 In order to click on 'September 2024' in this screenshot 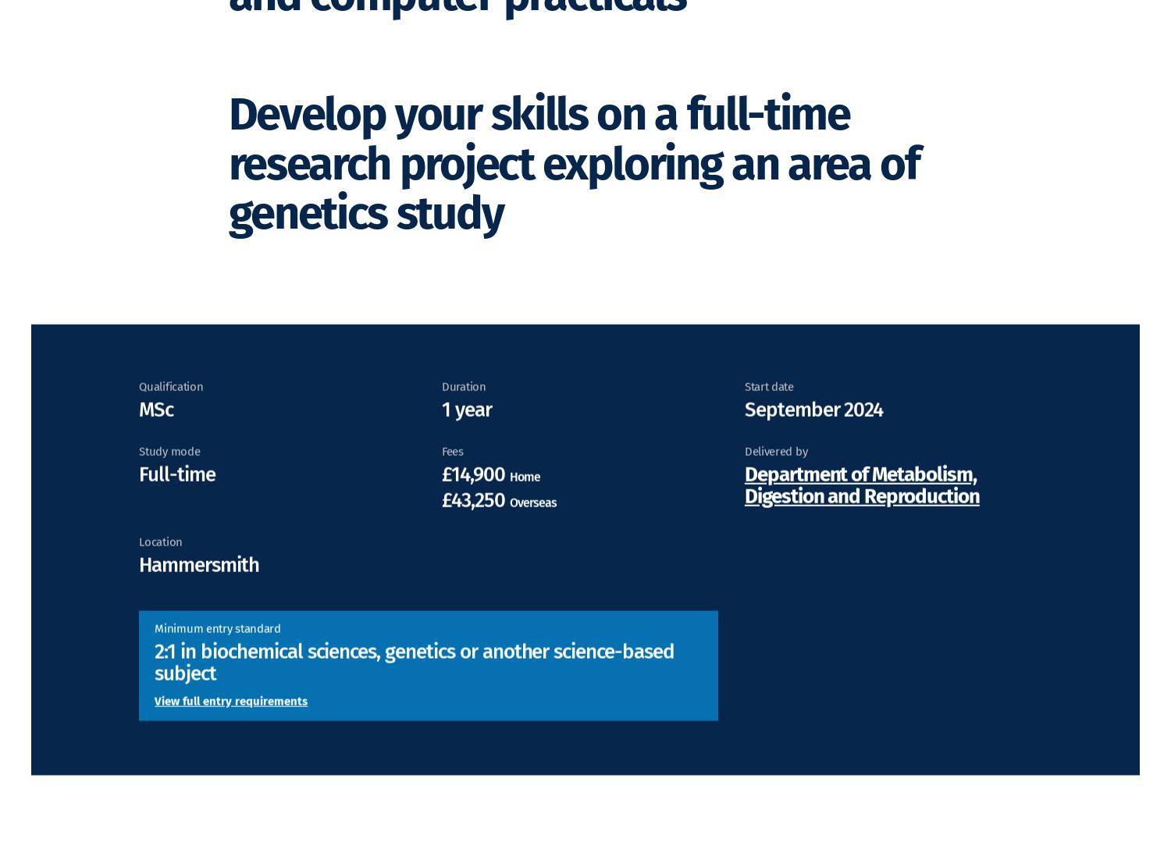, I will do `click(813, 431)`.